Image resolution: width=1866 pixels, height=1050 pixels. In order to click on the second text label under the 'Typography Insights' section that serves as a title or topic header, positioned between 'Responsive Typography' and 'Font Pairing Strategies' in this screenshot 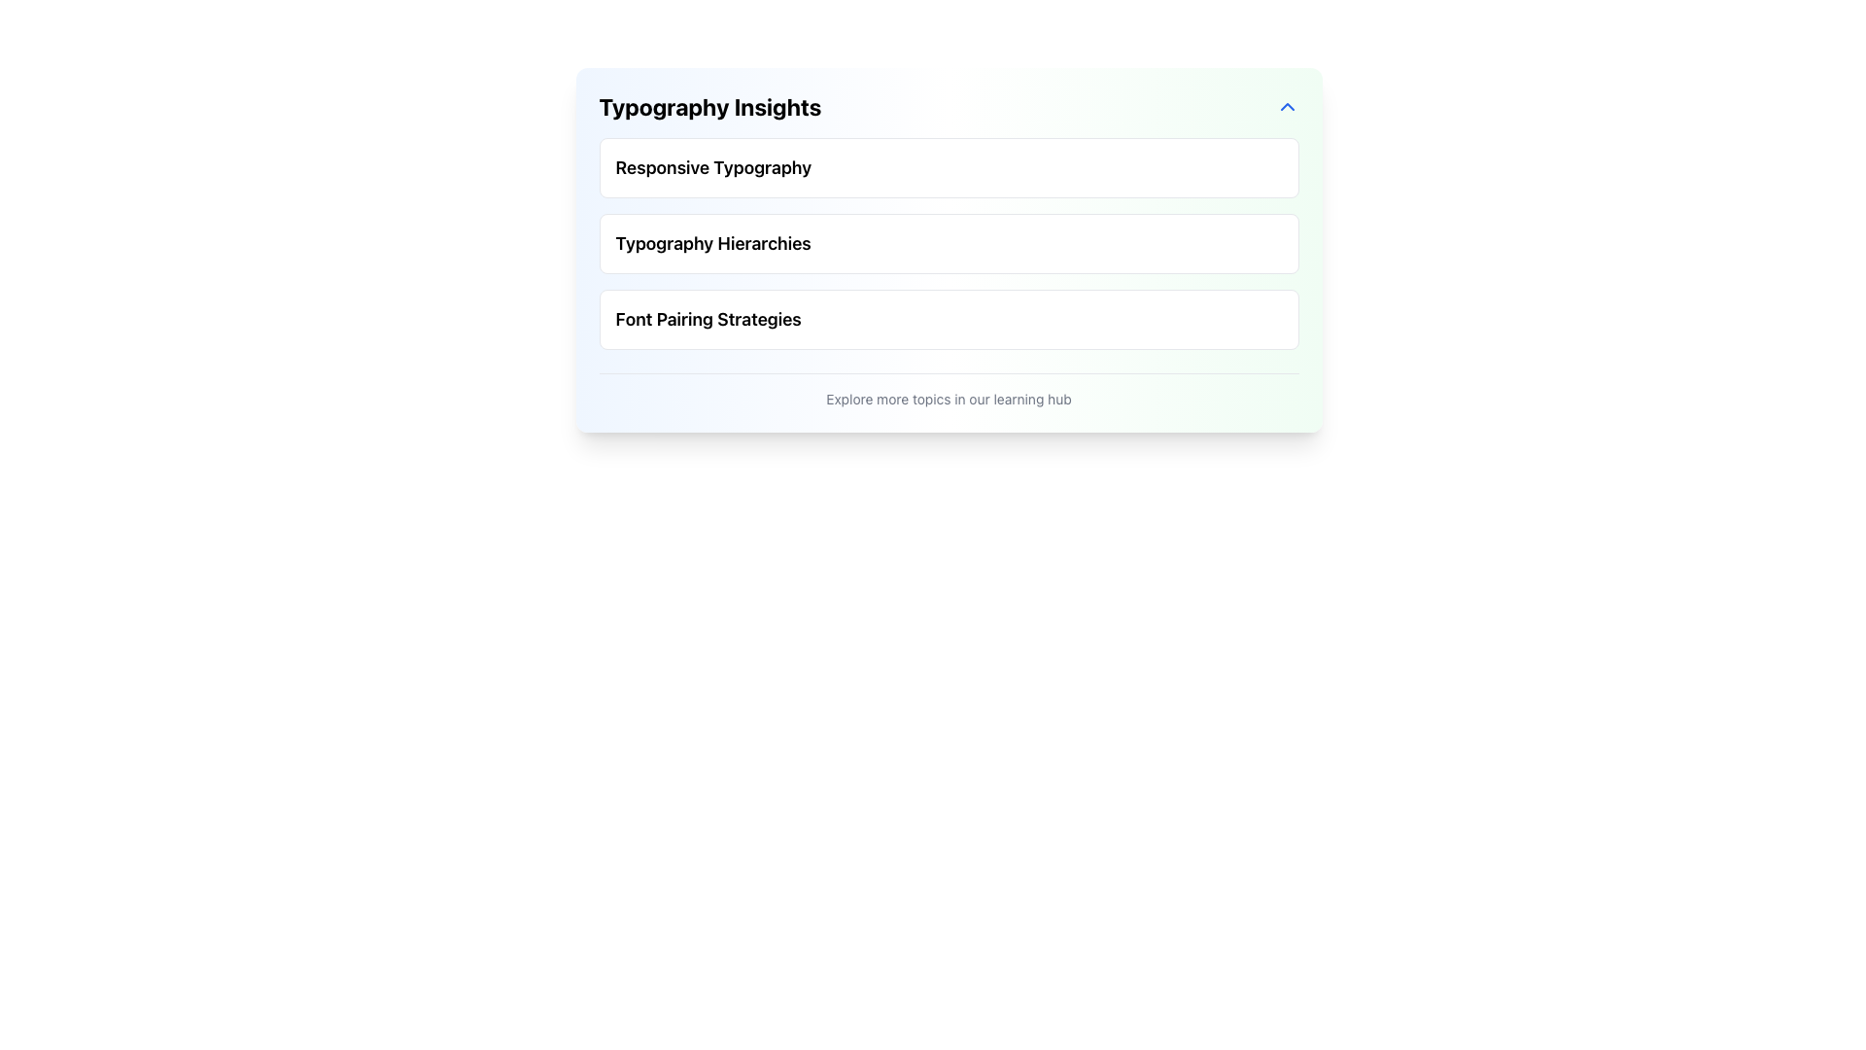, I will do `click(712, 242)`.